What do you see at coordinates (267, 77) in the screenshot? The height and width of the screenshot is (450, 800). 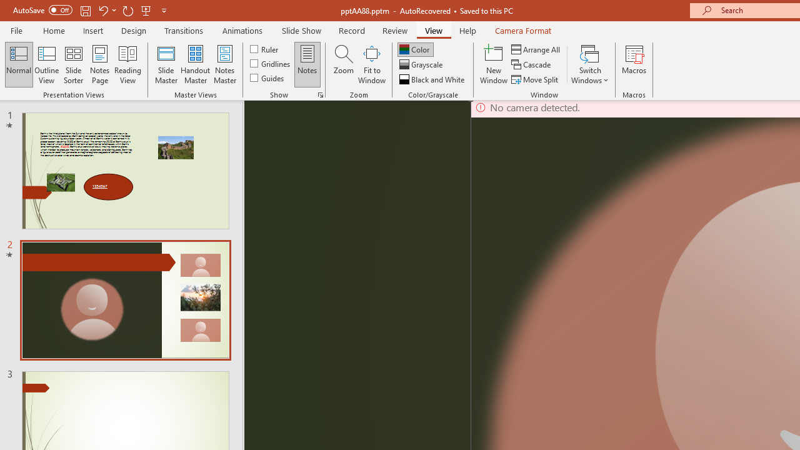 I see `'Guides'` at bounding box center [267, 77].